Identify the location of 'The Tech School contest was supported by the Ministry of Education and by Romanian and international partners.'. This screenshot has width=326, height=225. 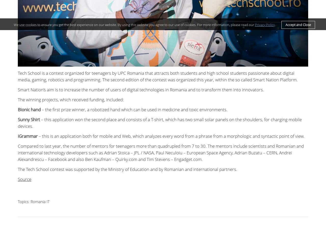
(127, 169).